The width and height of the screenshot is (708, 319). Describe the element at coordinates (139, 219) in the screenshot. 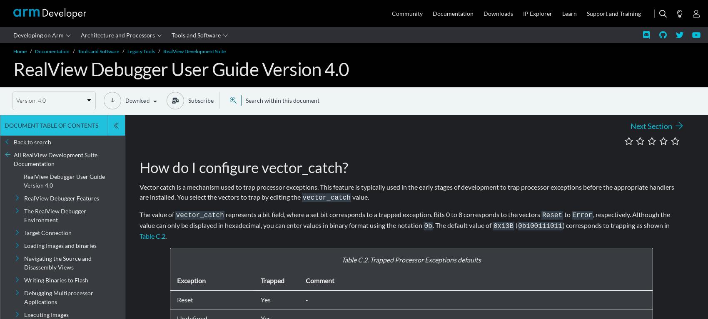

I see `', respectively. Although the value can only be displayed in hexadecimal, you can enter values in binary format using the notation'` at that location.